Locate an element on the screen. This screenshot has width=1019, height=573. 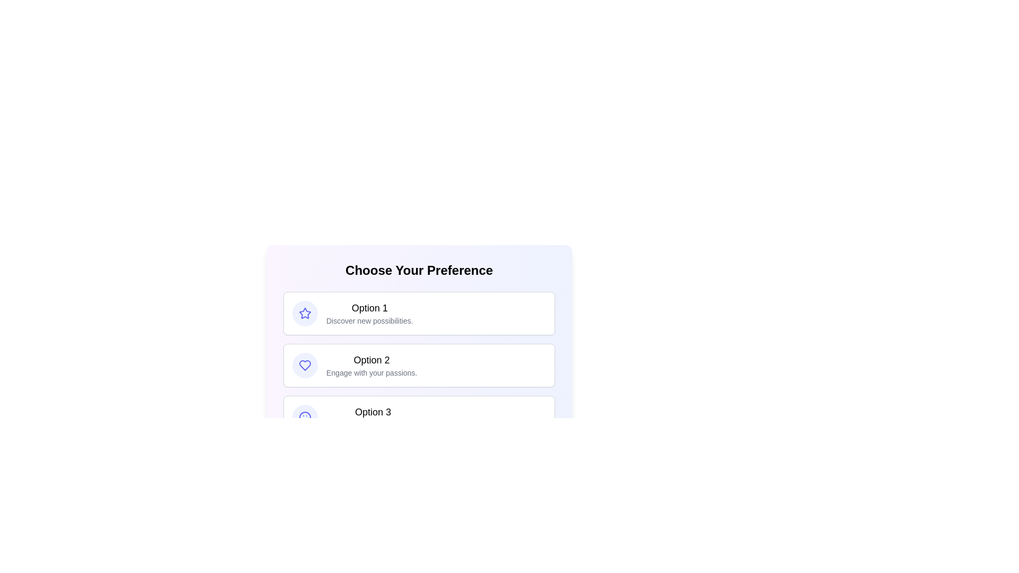
the second selectable card in the preference selection menu is located at coordinates (419, 363).